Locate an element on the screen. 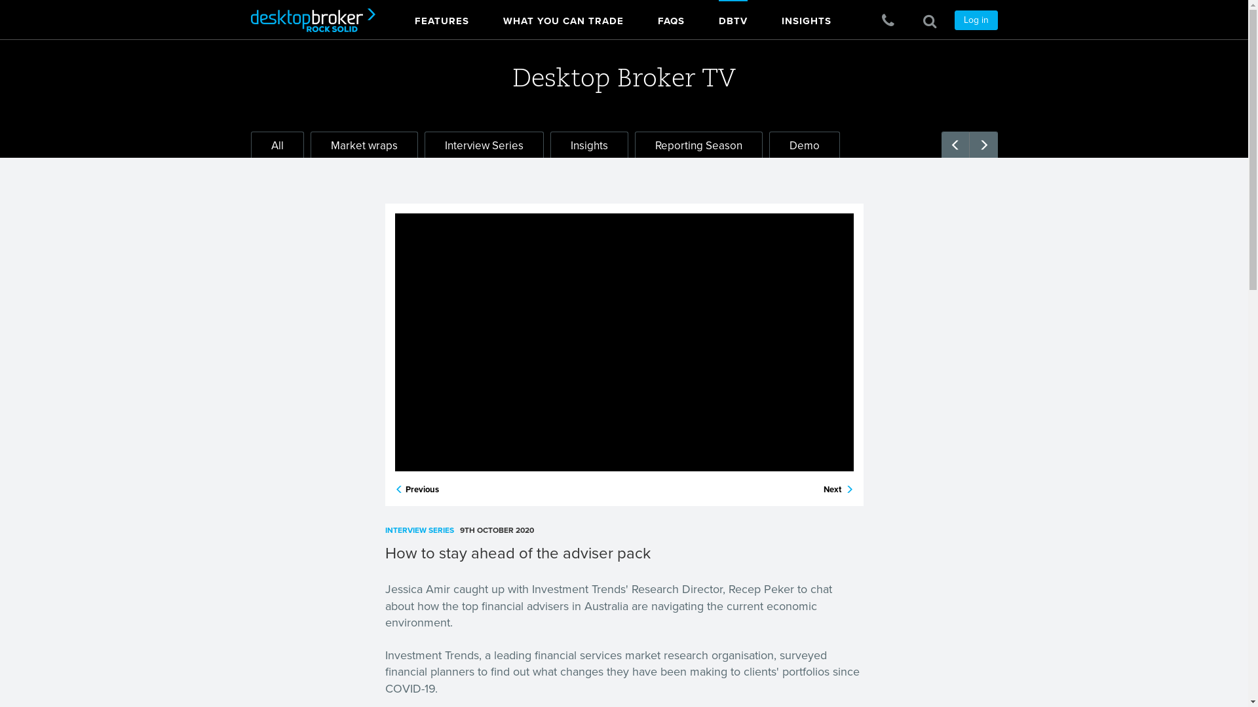  'FAQS' is located at coordinates (671, 18).